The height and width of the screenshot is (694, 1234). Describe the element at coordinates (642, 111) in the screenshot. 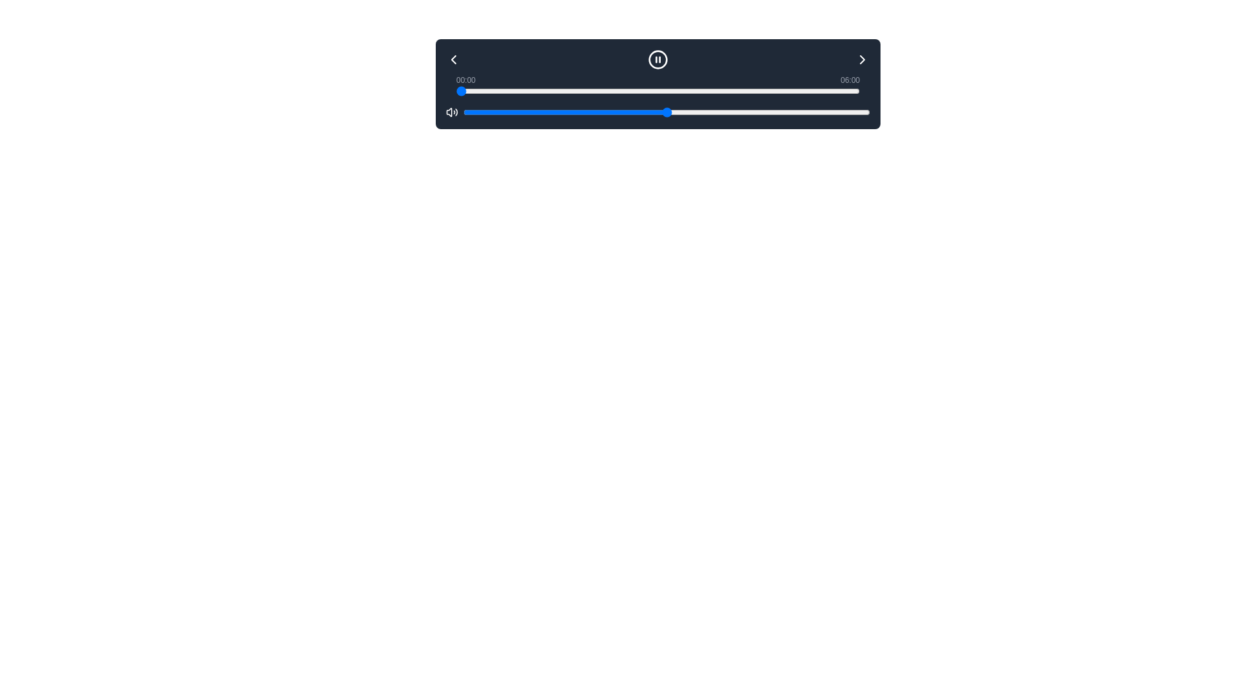

I see `the slider` at that location.